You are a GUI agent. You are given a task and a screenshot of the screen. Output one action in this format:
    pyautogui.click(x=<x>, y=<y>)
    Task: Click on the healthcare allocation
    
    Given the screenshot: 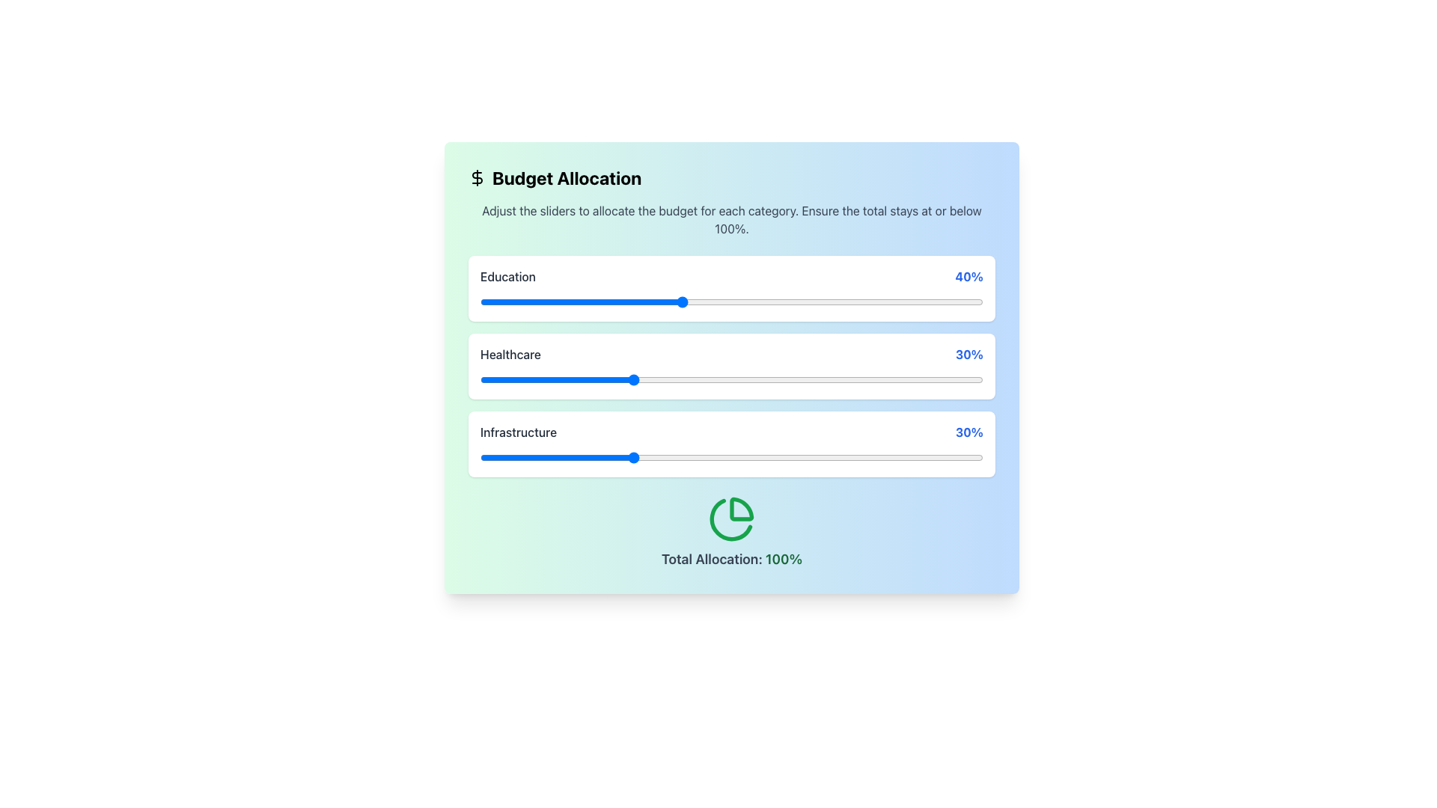 What is the action you would take?
    pyautogui.click(x=665, y=379)
    